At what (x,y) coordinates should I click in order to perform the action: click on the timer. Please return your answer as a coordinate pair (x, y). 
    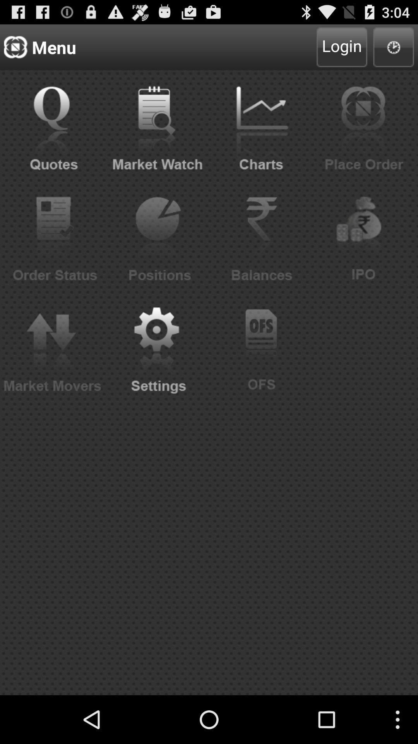
    Looking at the image, I should click on (394, 46).